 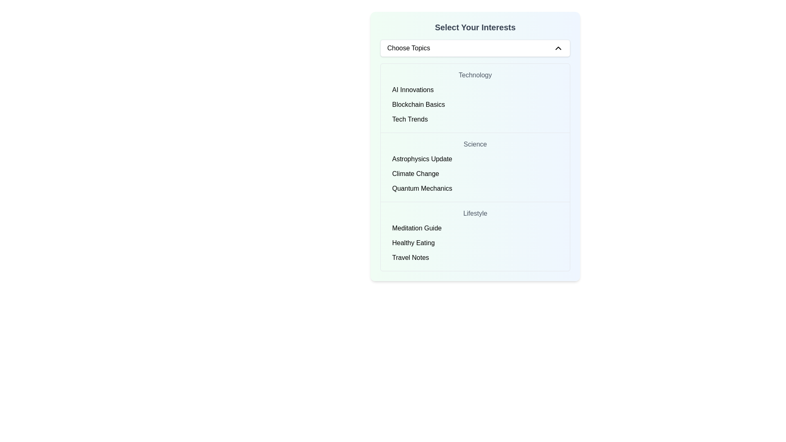 I want to click on the third item in the vertical list of topics under the 'Technology' category, so click(x=475, y=120).